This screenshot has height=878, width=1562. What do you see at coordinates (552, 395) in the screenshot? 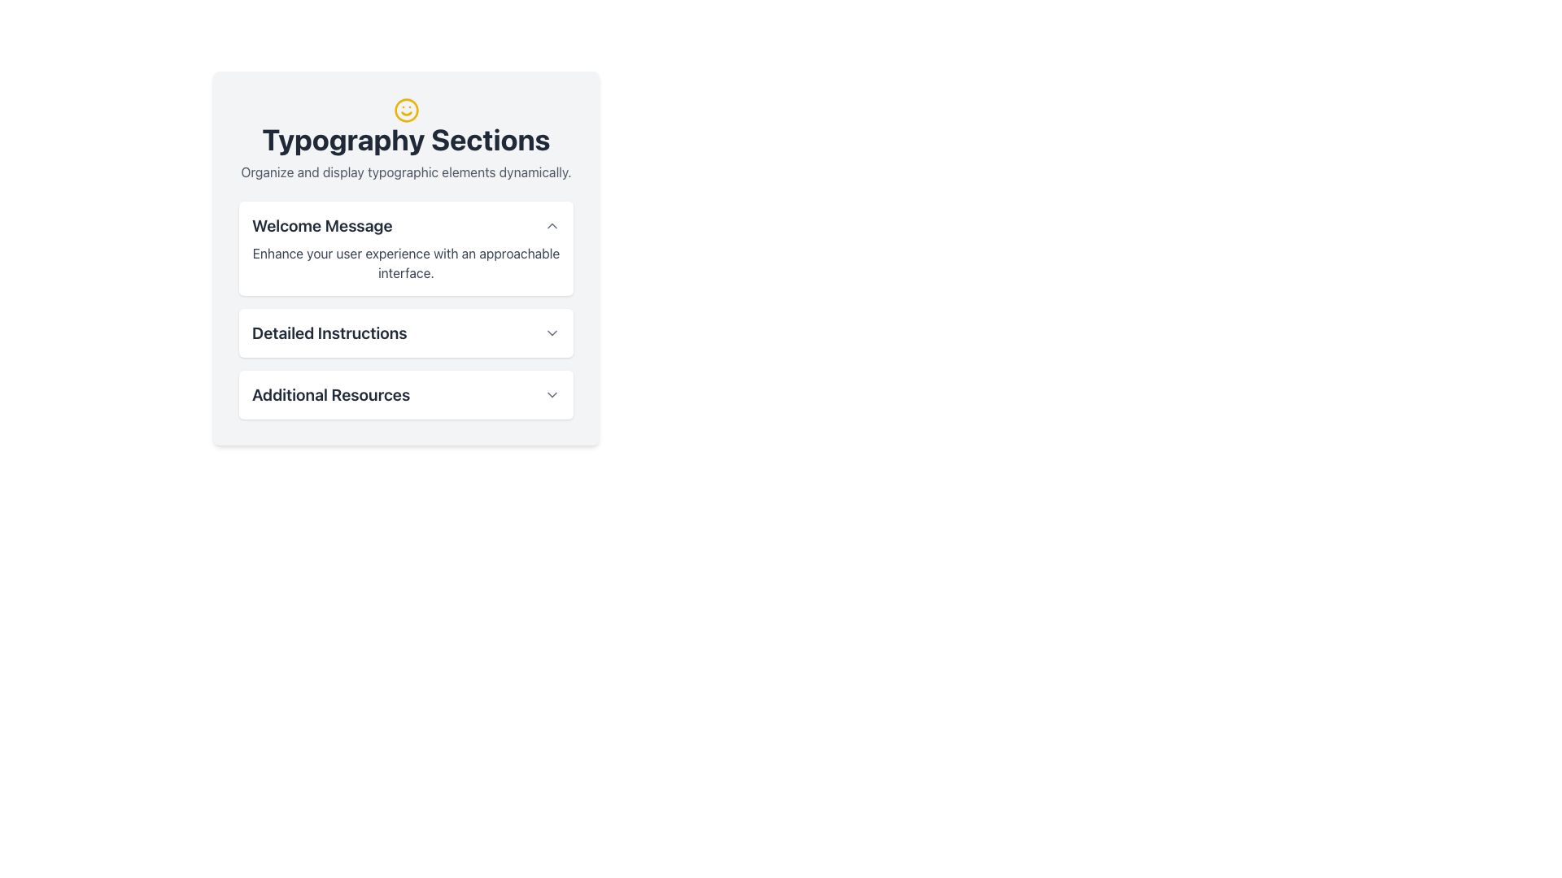
I see `the chevron-down icon located to the far-right of the 'Additional Resources' section` at bounding box center [552, 395].